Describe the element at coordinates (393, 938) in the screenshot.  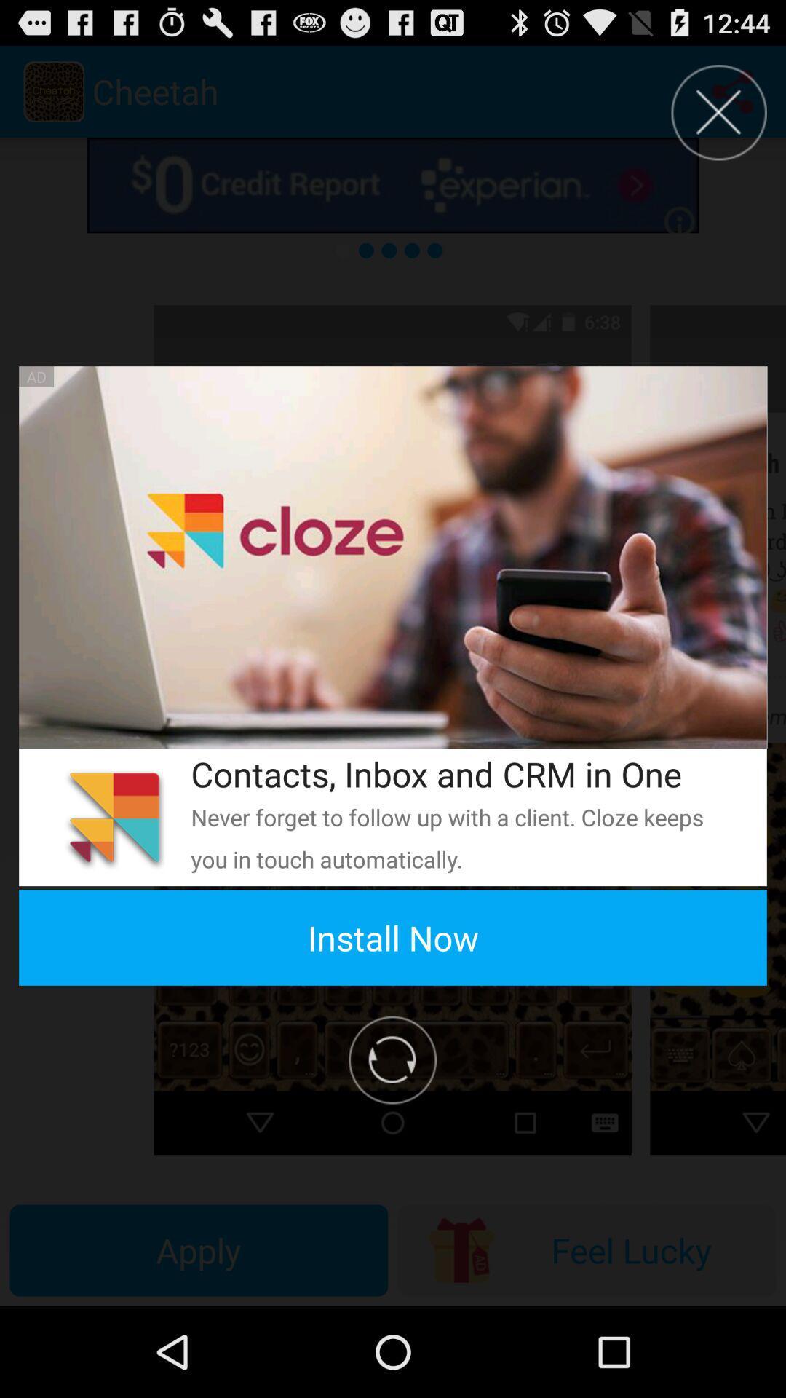
I see `the icon below never forget to item` at that location.